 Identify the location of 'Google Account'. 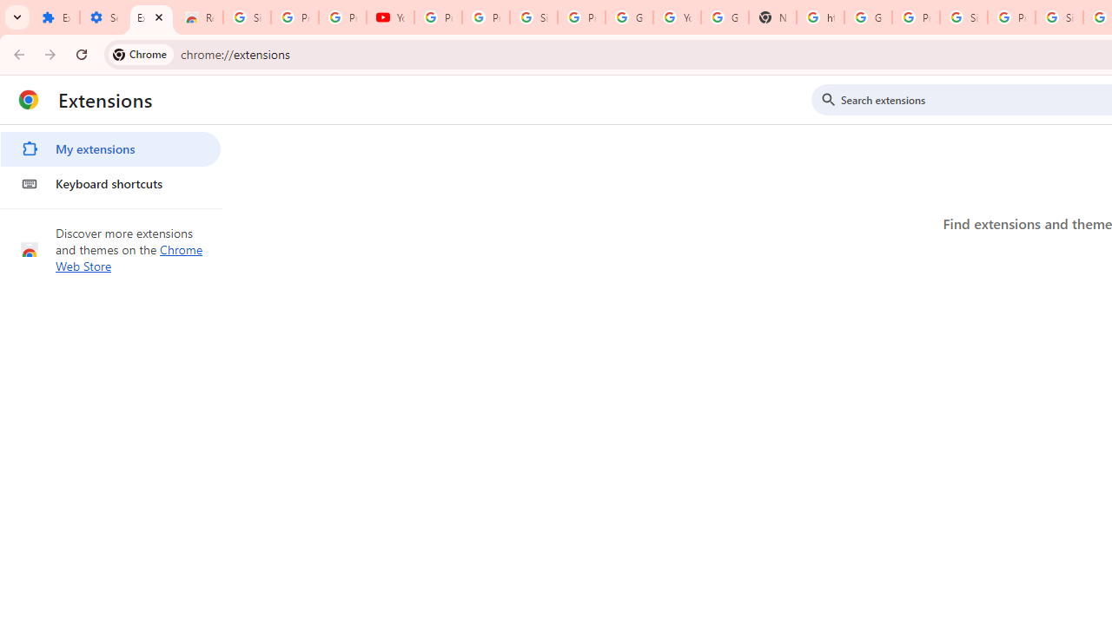
(629, 17).